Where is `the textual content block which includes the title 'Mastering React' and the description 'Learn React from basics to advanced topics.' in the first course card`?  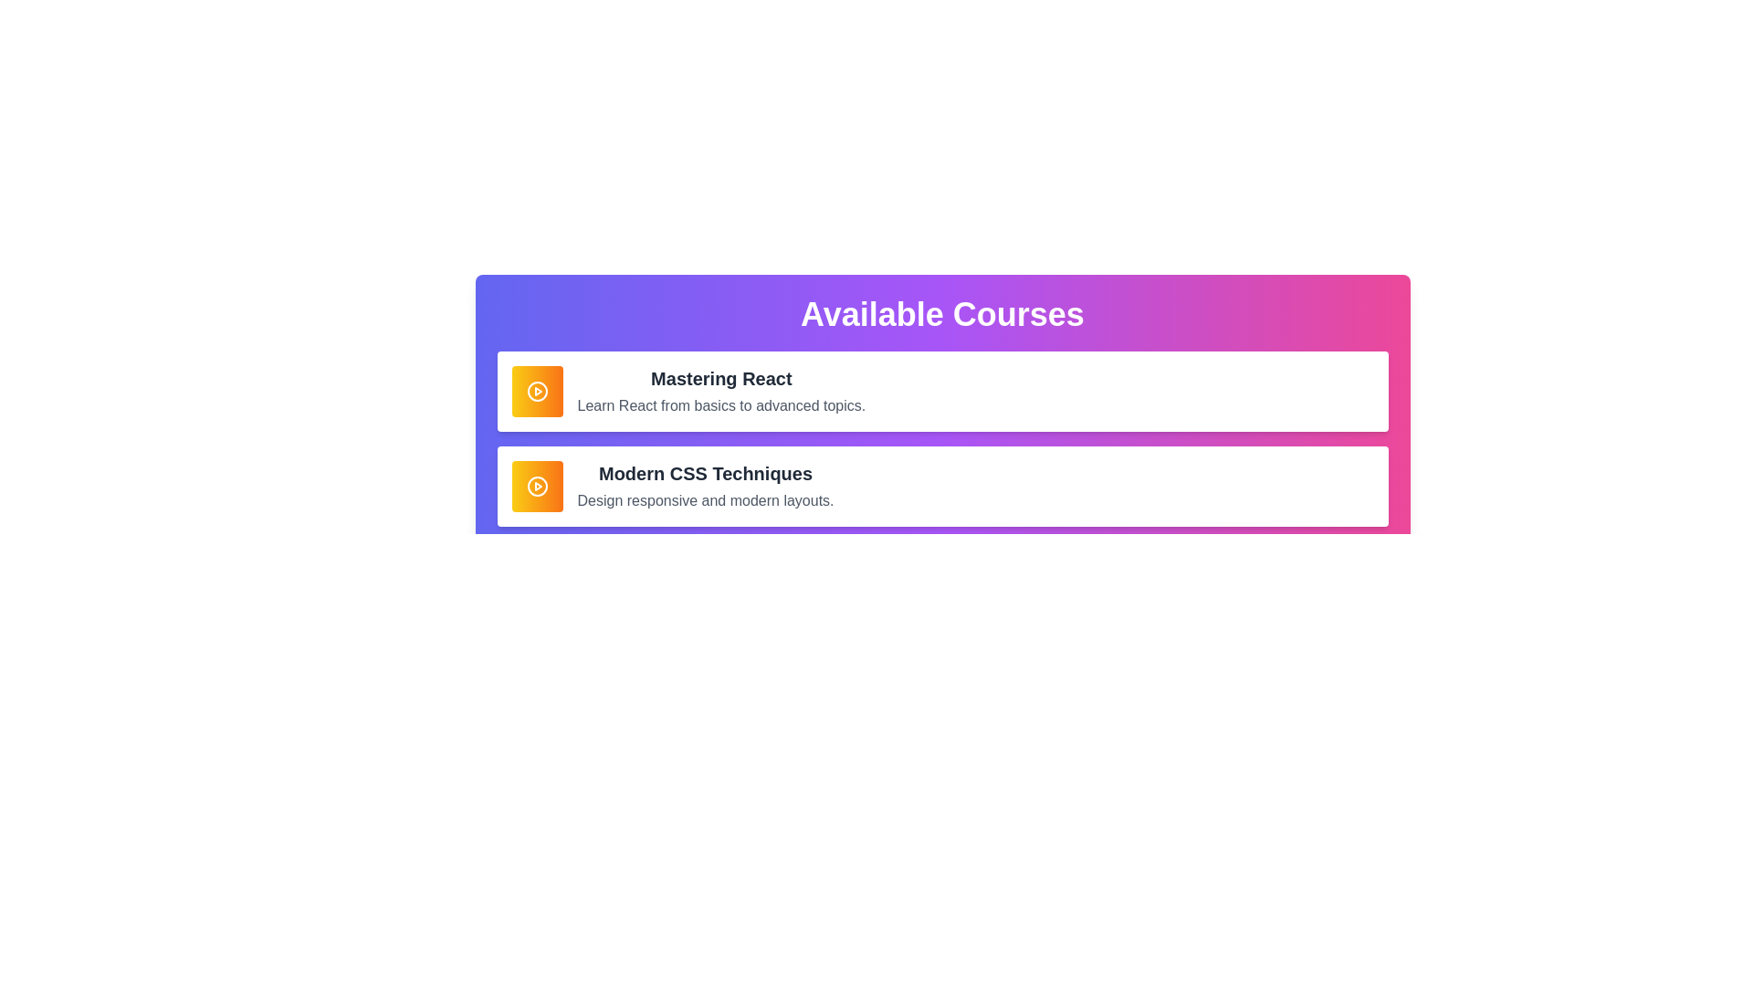 the textual content block which includes the title 'Mastering React' and the description 'Learn React from basics to advanced topics.' in the first course card is located at coordinates (720, 390).